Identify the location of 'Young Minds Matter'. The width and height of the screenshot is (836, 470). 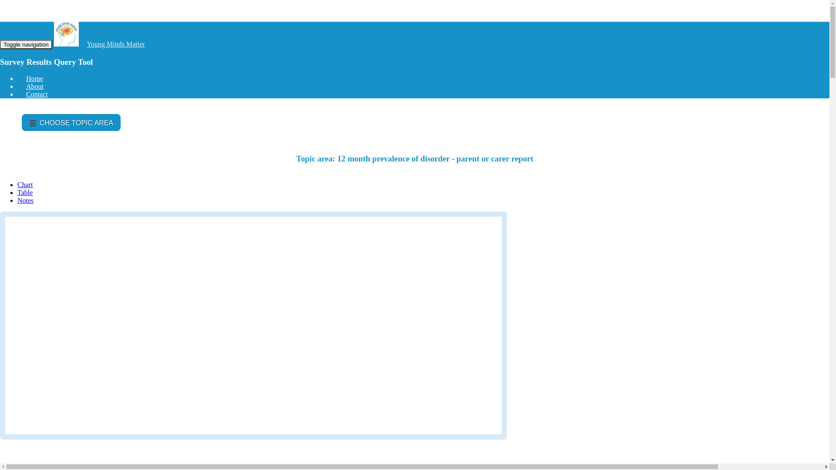
(86, 44).